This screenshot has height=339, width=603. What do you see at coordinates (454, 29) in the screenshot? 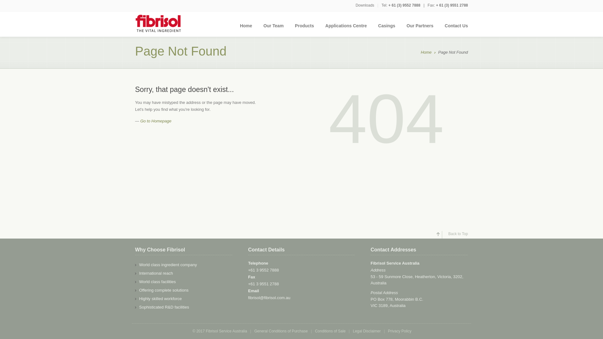
I see `'Contact Us'` at bounding box center [454, 29].